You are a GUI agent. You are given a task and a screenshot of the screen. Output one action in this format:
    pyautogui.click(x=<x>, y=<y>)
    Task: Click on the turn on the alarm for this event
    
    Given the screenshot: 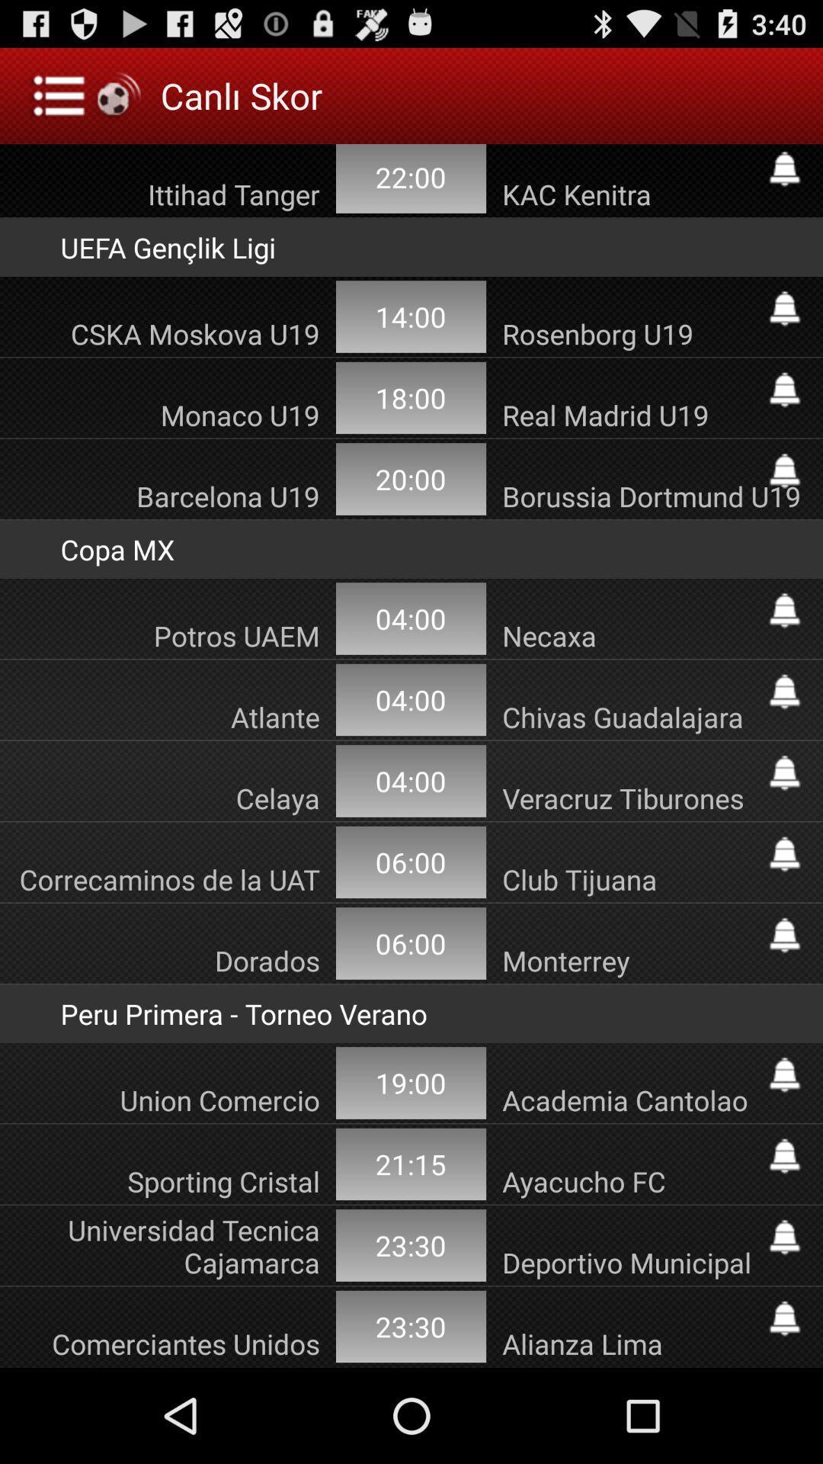 What is the action you would take?
    pyautogui.click(x=784, y=772)
    